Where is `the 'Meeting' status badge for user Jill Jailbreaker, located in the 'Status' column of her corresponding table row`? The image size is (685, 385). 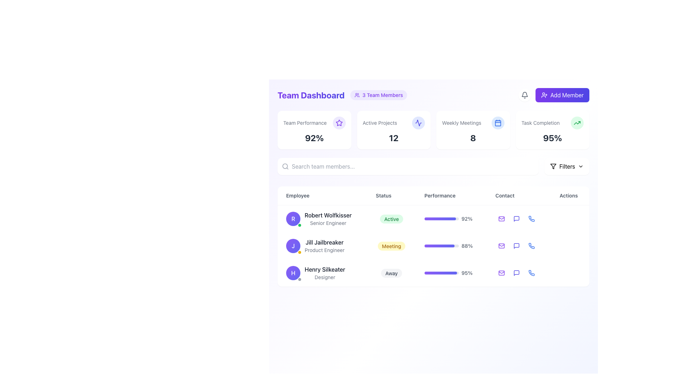 the 'Meeting' status badge for user Jill Jailbreaker, located in the 'Status' column of her corresponding table row is located at coordinates (391, 246).